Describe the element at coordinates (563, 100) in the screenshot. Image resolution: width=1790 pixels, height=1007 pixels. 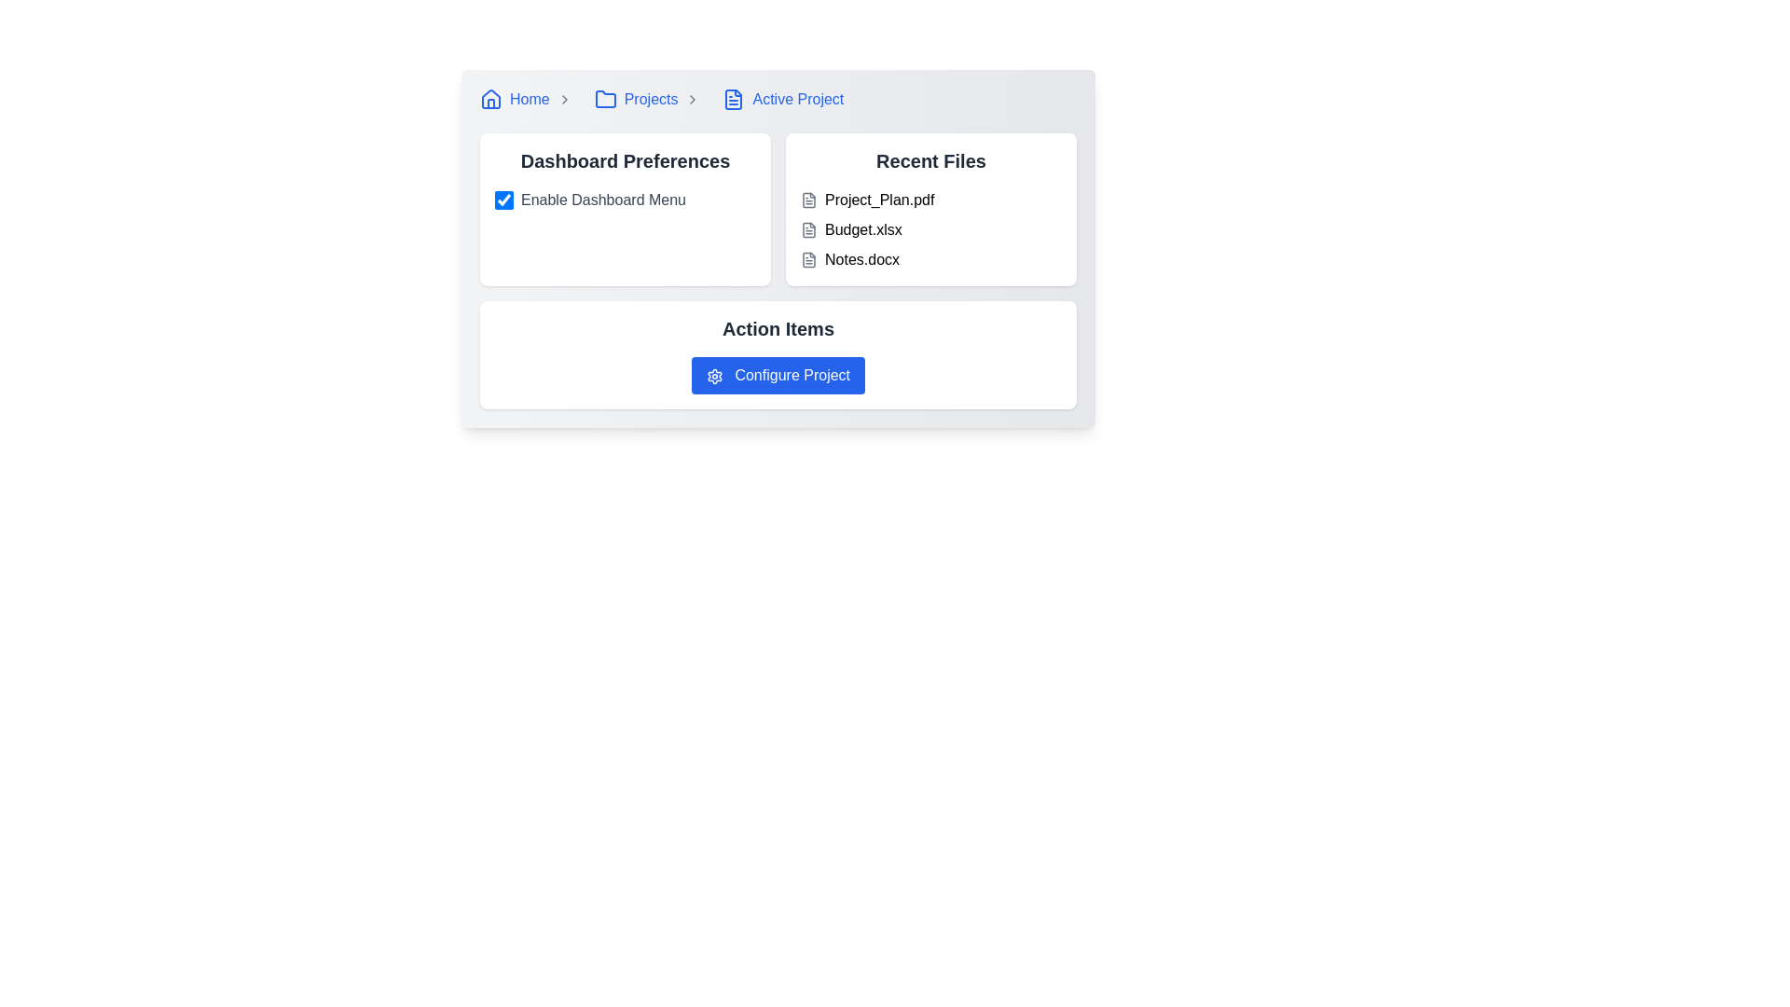
I see `the static chevron icon in the breadcrumb navigation bar that separates the 'Home' link and the 'Projects' link` at that location.